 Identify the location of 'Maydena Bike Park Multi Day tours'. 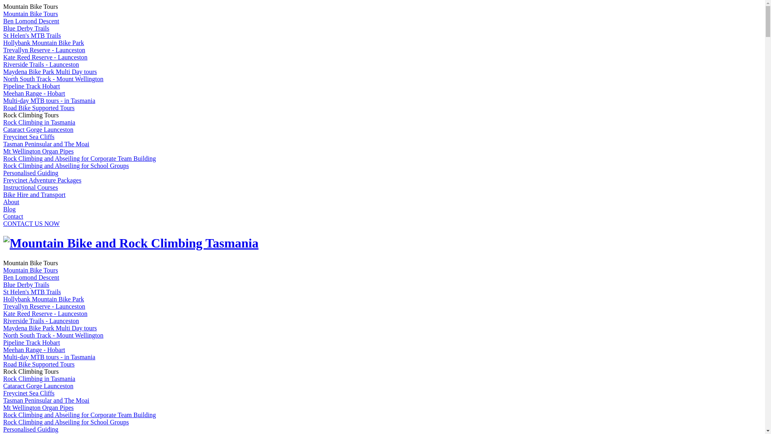
(49, 328).